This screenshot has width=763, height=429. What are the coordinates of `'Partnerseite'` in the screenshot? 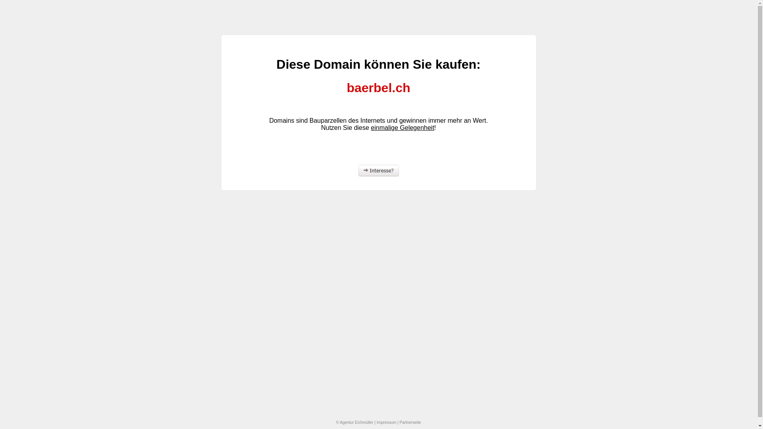 It's located at (410, 422).